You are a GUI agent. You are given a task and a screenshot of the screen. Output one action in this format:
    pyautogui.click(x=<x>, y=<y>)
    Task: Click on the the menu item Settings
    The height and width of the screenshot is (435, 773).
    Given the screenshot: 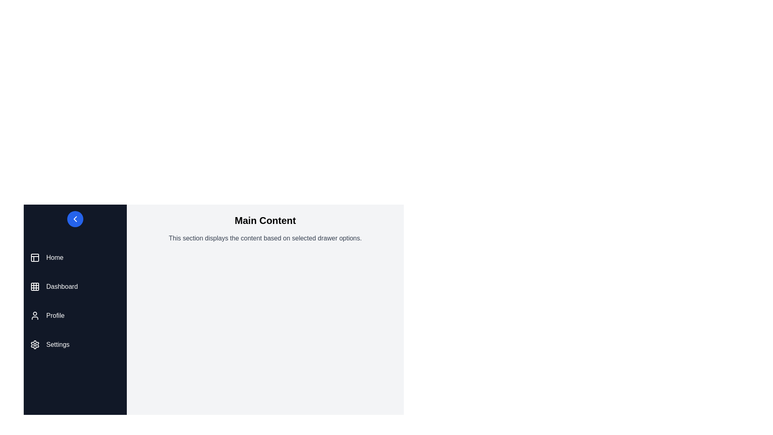 What is the action you would take?
    pyautogui.click(x=75, y=344)
    